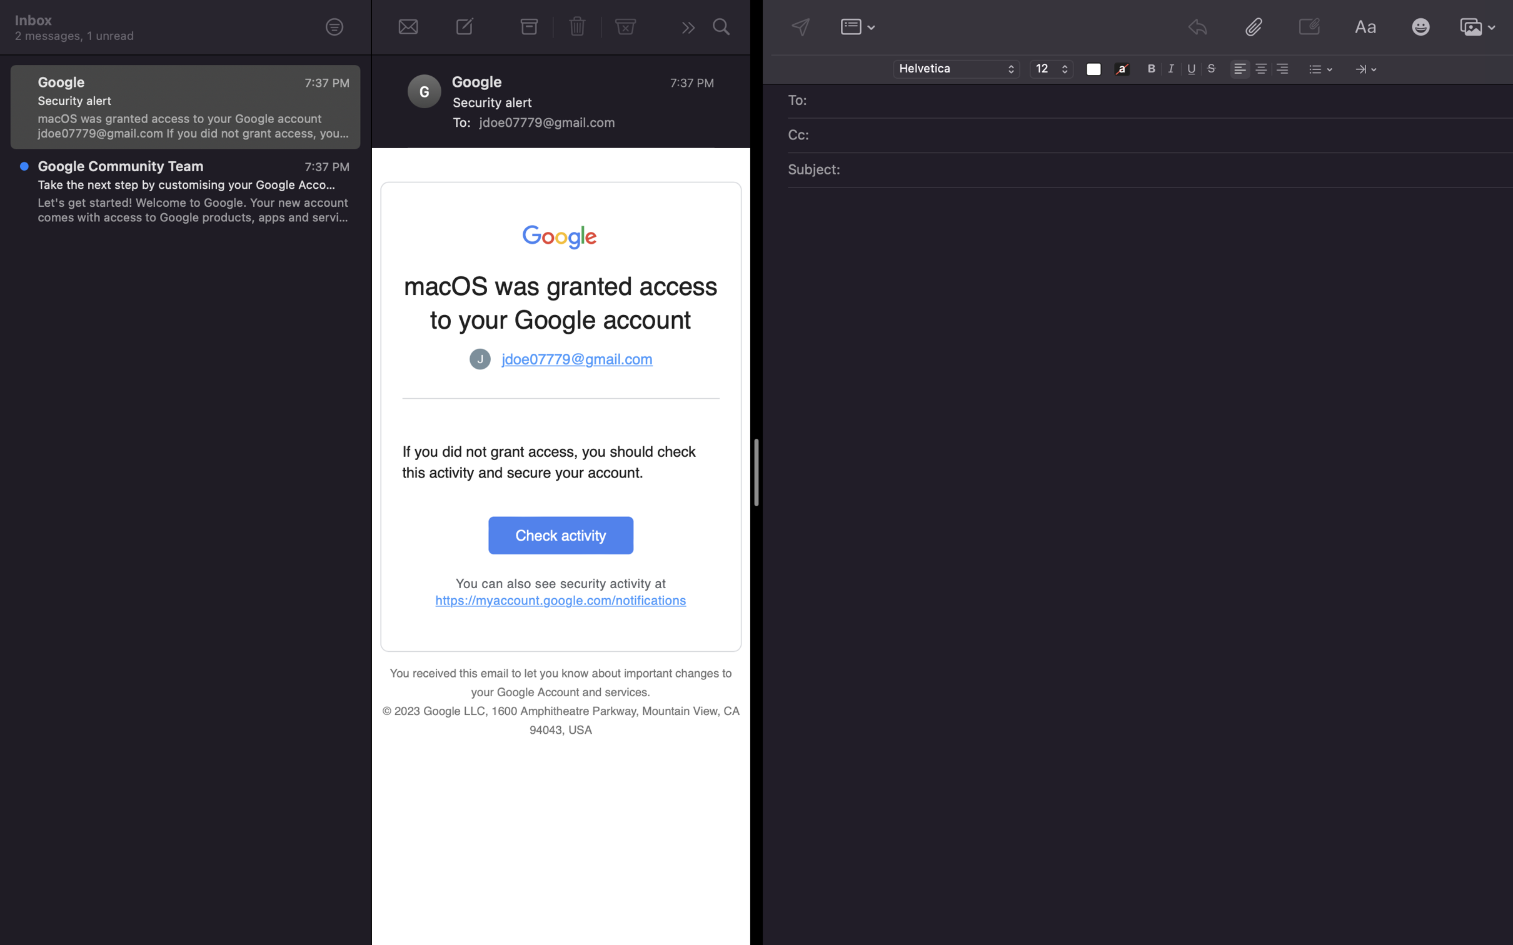 This screenshot has width=1513, height=945. What do you see at coordinates (1152, 67) in the screenshot?
I see `Change the text to bold and set the font size to 8` at bounding box center [1152, 67].